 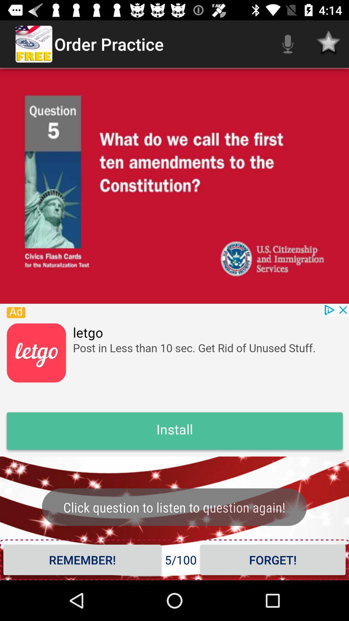 What do you see at coordinates (174, 380) in the screenshot?
I see `open advertisement` at bounding box center [174, 380].